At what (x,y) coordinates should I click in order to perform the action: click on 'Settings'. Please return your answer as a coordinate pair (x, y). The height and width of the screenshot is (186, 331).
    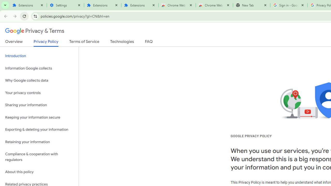
    Looking at the image, I should click on (65, 5).